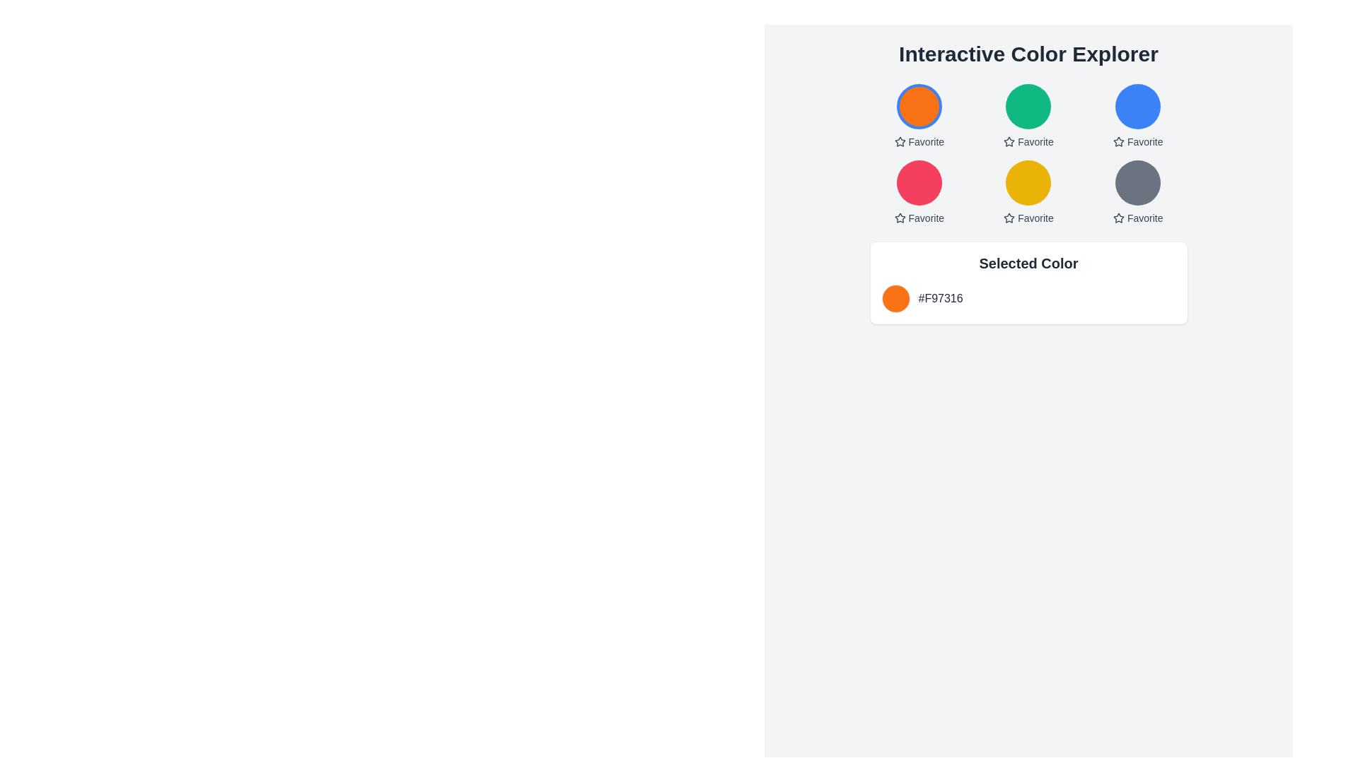 This screenshot has height=763, width=1358. I want to click on the 'Favorite' text or star icon in the Interactive Color Explorer interface to mark it as favorite, so click(1028, 218).